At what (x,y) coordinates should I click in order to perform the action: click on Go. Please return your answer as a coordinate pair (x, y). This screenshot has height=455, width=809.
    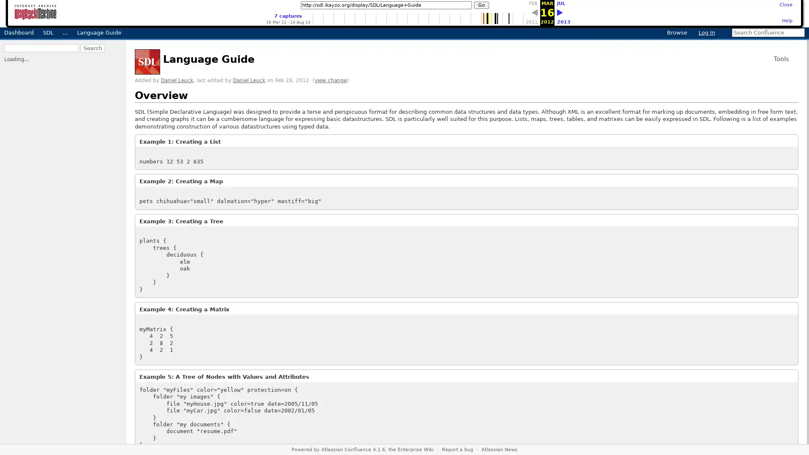
    Looking at the image, I should click on (481, 5).